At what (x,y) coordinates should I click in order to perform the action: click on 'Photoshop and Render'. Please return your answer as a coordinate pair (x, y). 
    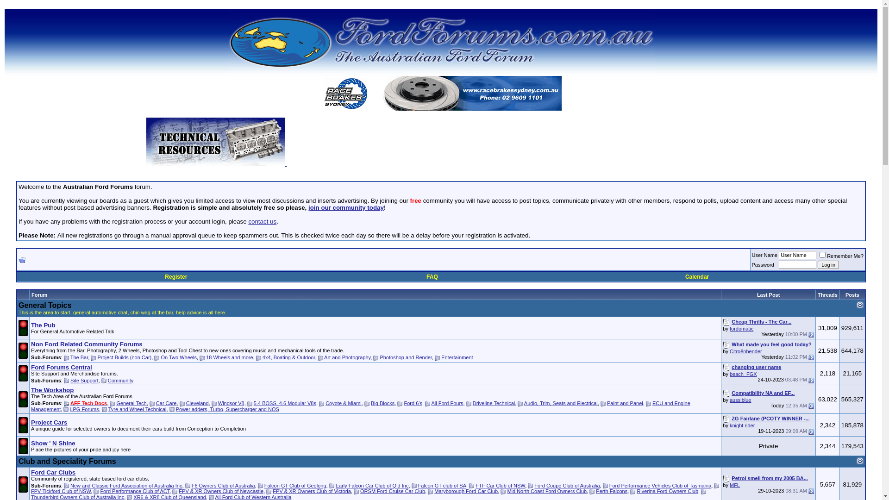
    Looking at the image, I should click on (380, 356).